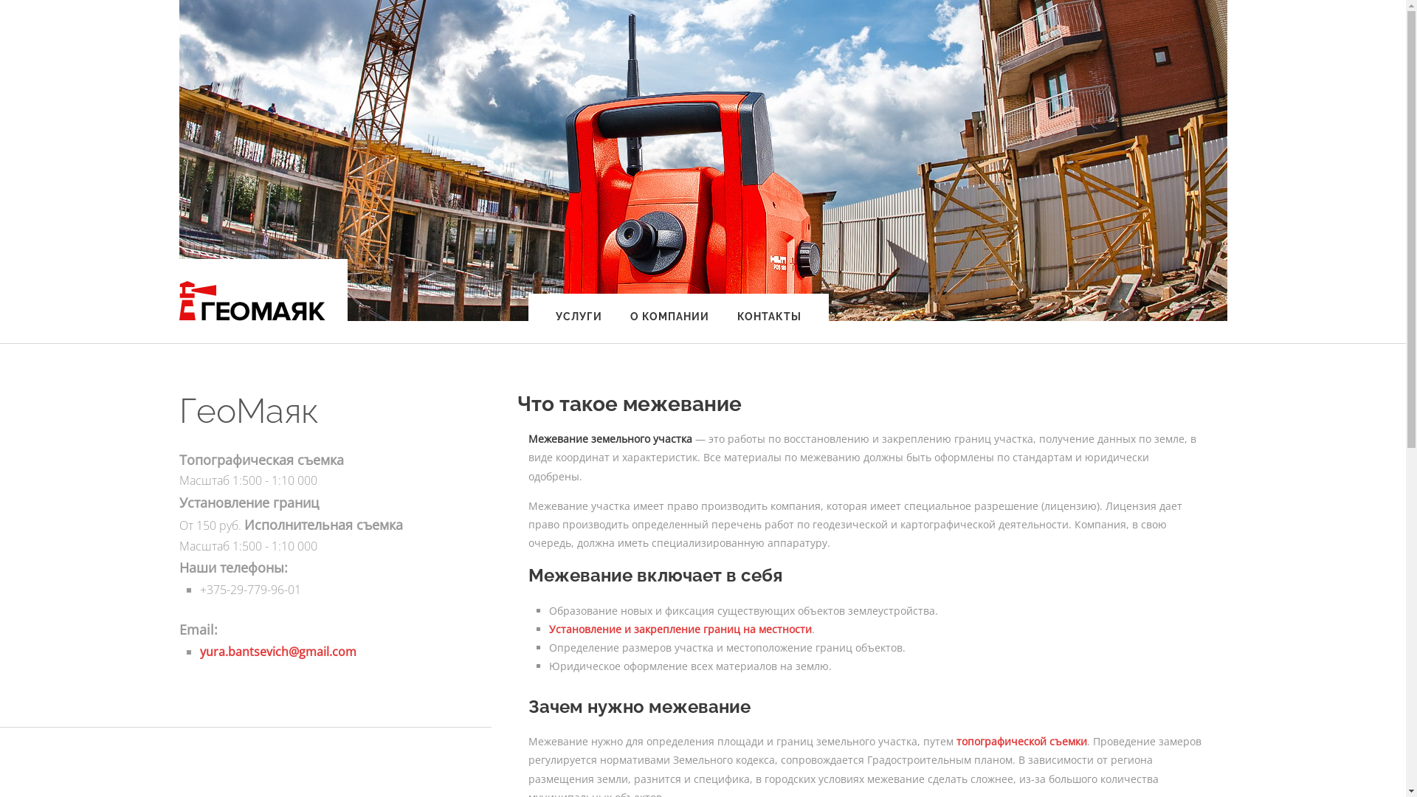 The width and height of the screenshot is (1417, 797). What do you see at coordinates (277, 651) in the screenshot?
I see `'yura.bantsevich@gmail.com'` at bounding box center [277, 651].